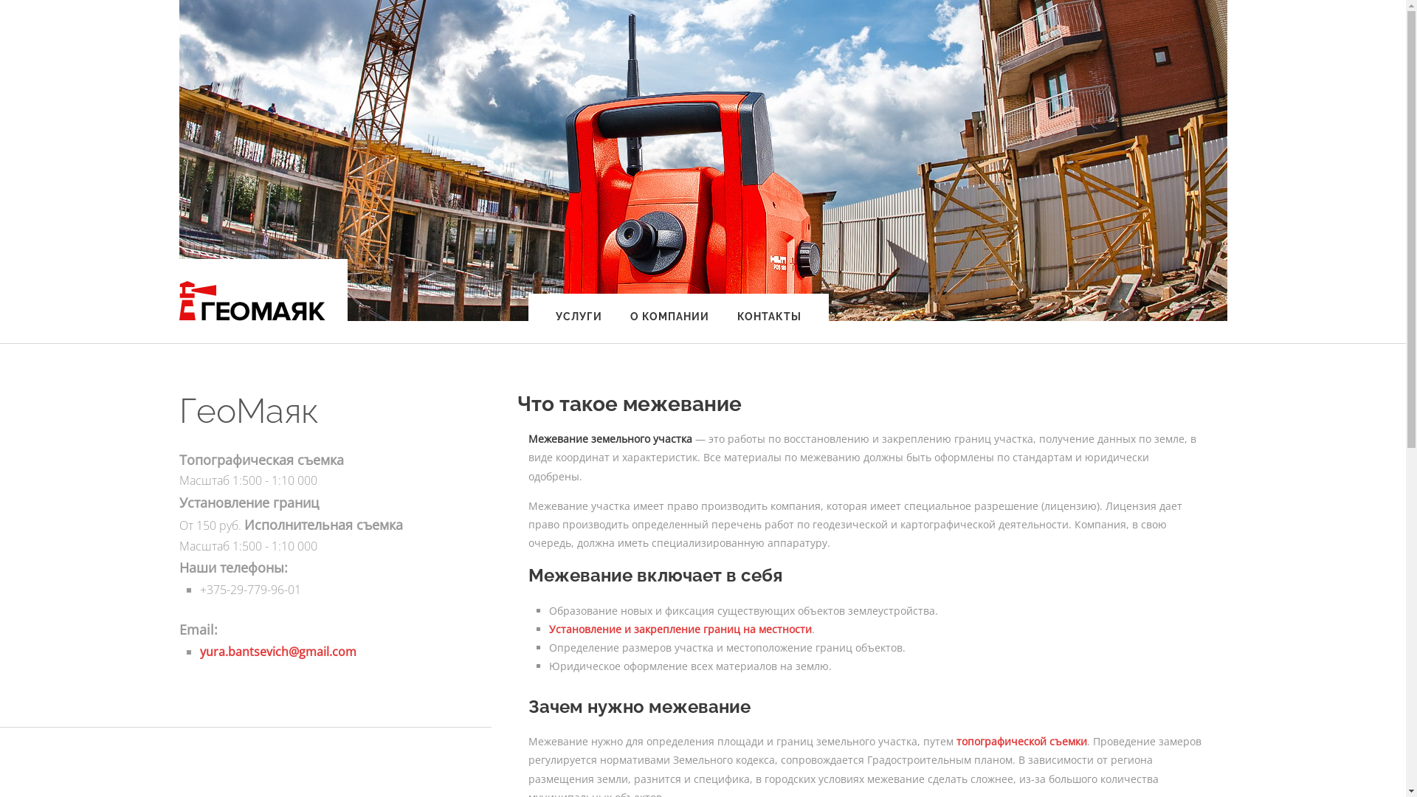 The width and height of the screenshot is (1417, 797). What do you see at coordinates (277, 651) in the screenshot?
I see `'yura.bantsevich@gmail.com'` at bounding box center [277, 651].